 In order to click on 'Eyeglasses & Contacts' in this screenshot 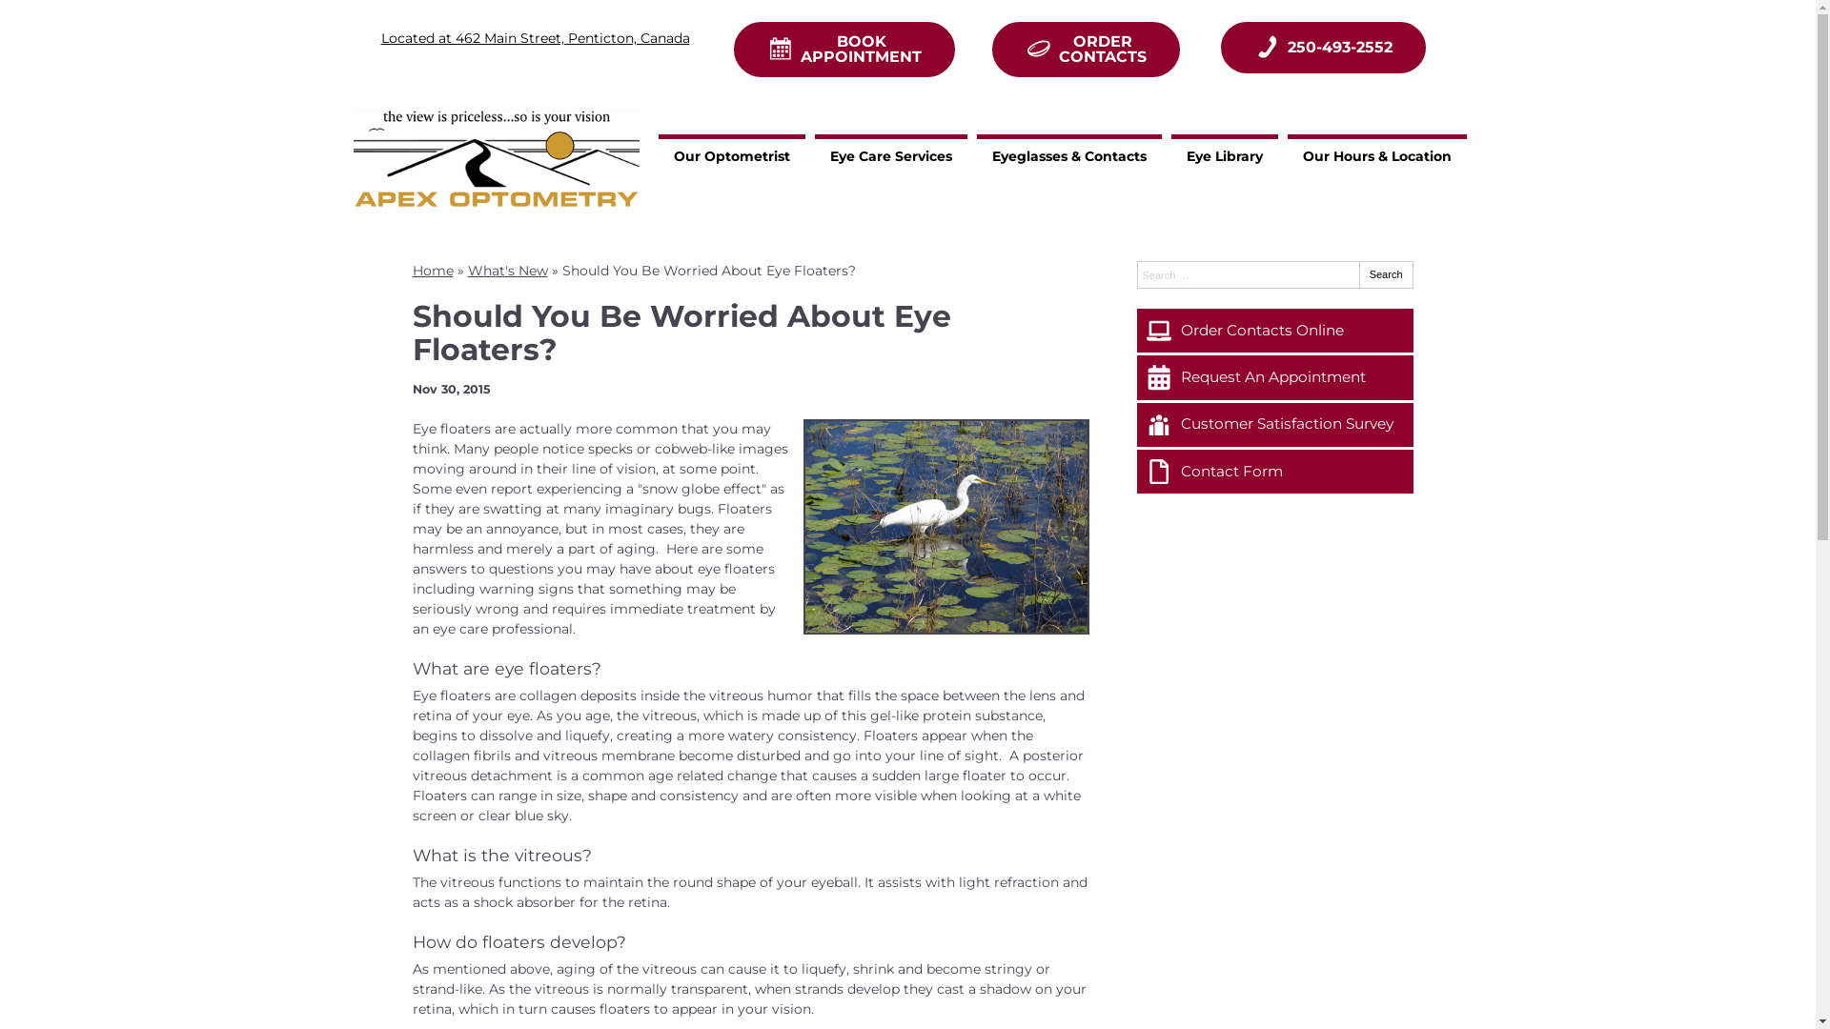, I will do `click(977, 153)`.